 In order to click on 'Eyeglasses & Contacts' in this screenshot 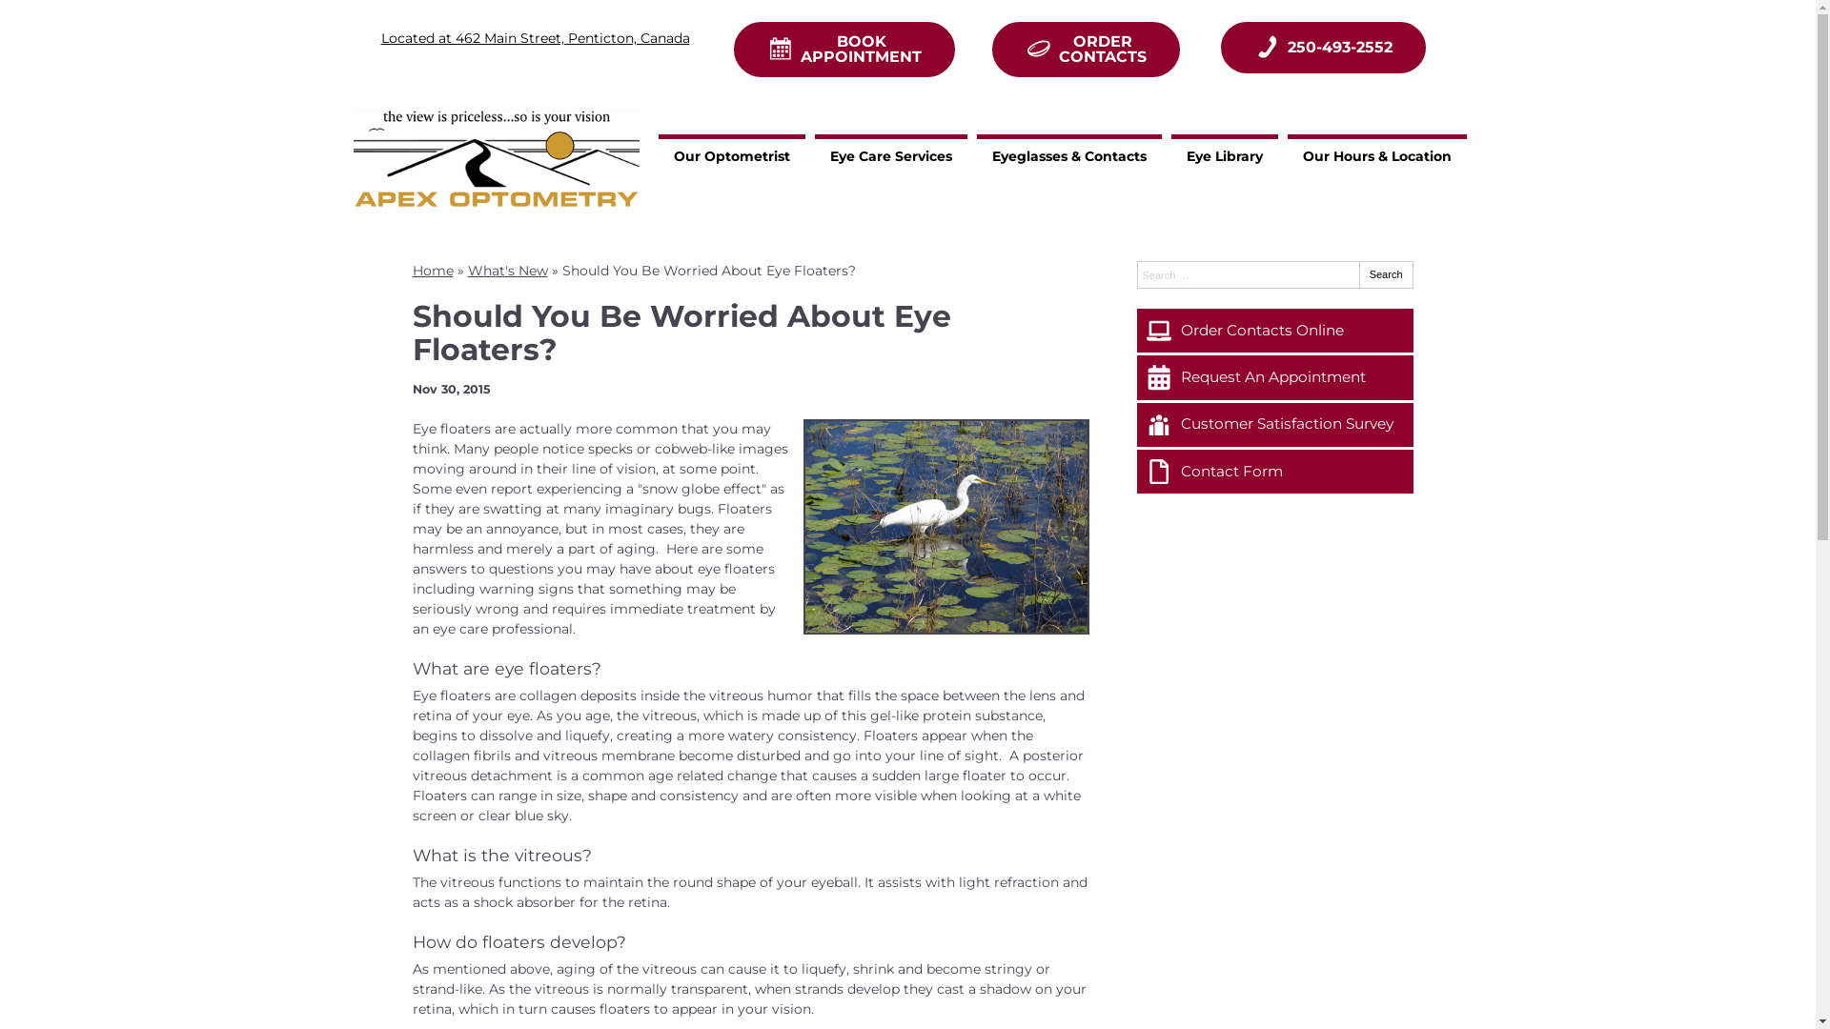, I will do `click(977, 153)`.